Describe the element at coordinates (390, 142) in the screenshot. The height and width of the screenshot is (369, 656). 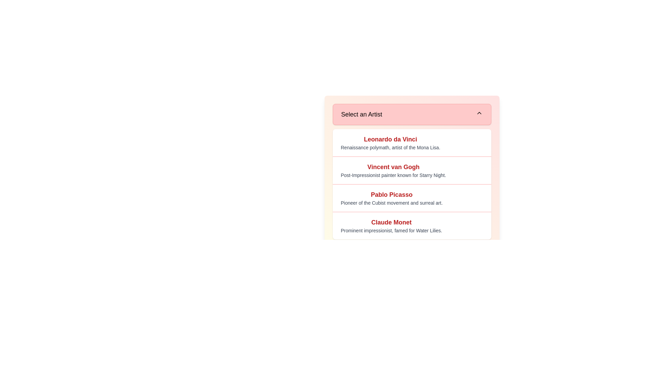
I see `the first list entry labeled 'Leonardo da Vinci'` at that location.